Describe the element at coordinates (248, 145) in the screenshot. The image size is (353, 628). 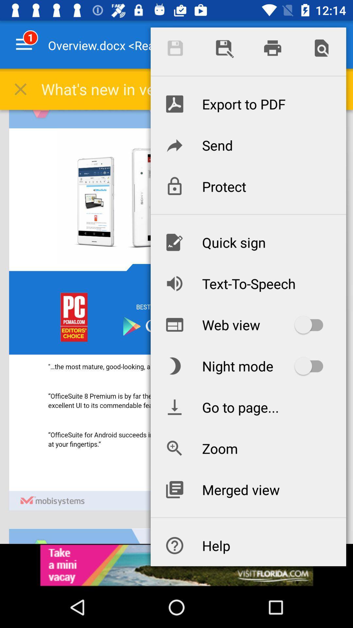
I see `send item` at that location.